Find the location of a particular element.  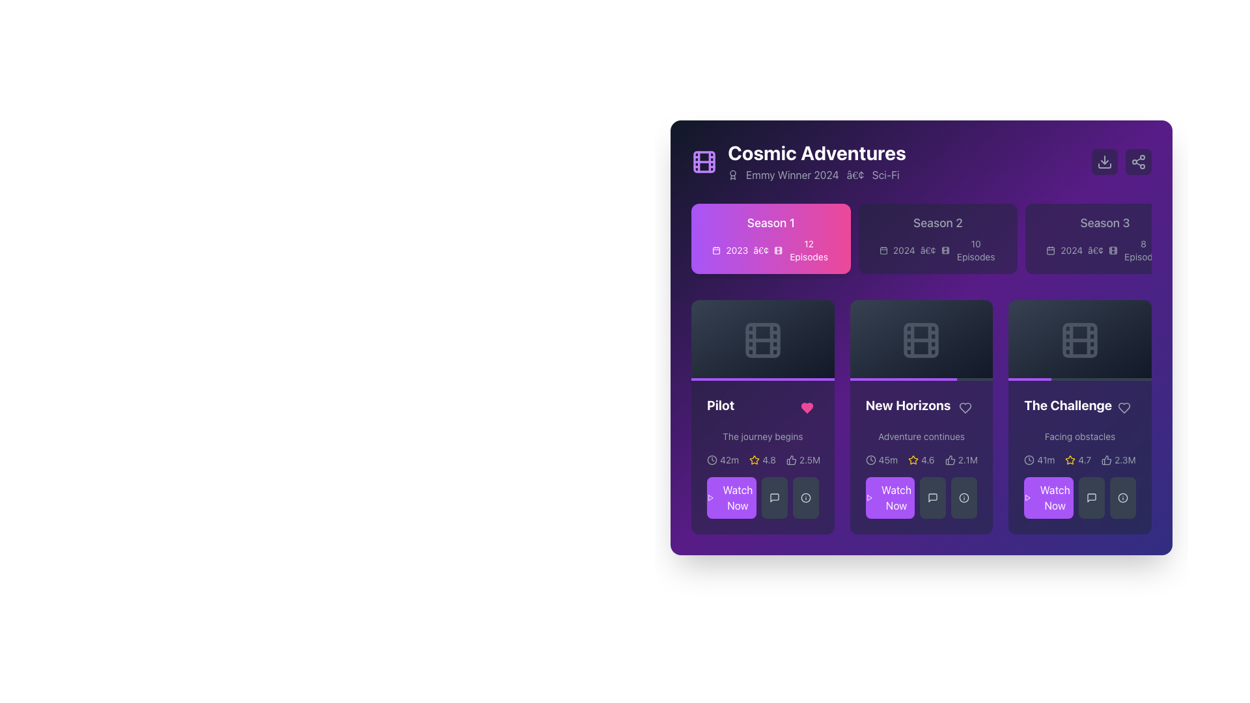

the likes or approvals icon-text combination located in the bottom right corner of 'The Challenge' card, which displays the number of likes or approvals for the associated content is located at coordinates (1118, 459).